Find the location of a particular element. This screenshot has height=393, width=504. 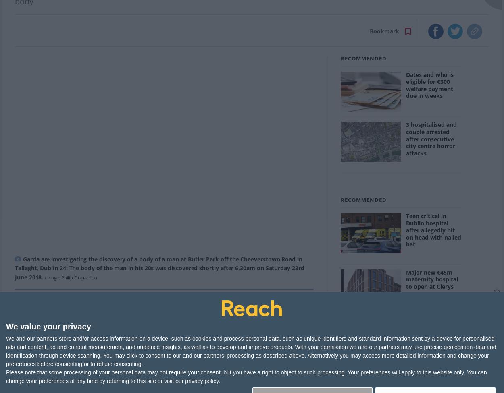

'More info' is located at coordinates (117, 350).